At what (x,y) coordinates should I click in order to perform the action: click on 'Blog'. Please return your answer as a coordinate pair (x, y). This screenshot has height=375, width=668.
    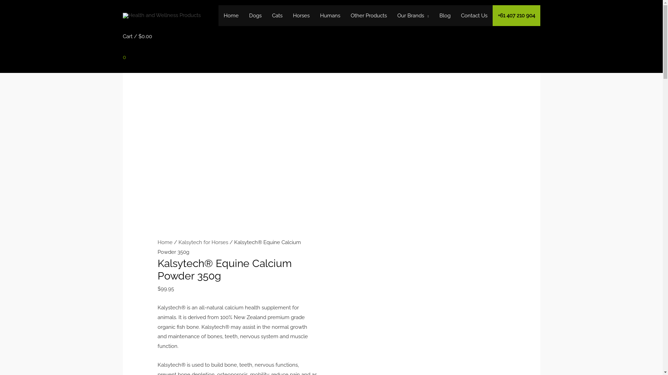
    Looking at the image, I should click on (444, 16).